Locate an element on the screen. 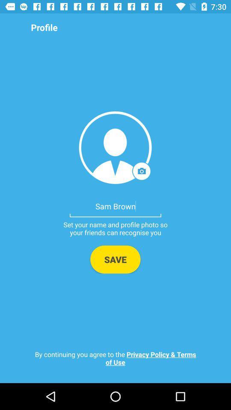 Image resolution: width=231 pixels, height=410 pixels. profile is located at coordinates (115, 147).